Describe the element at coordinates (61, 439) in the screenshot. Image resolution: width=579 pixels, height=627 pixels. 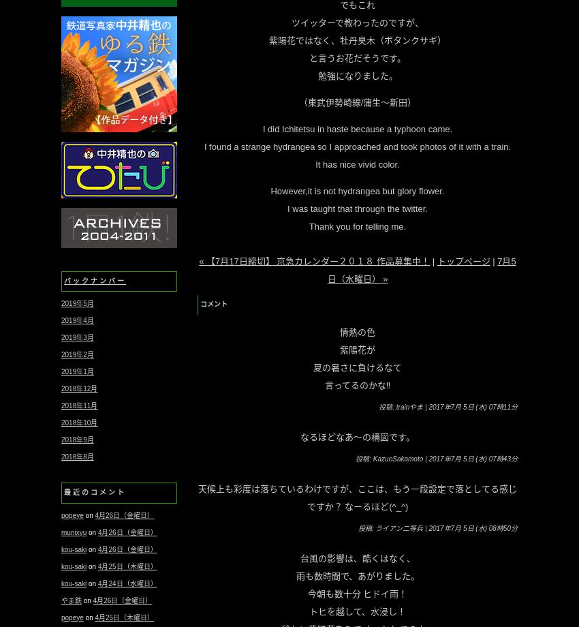
I see `'2018年9月'` at that location.